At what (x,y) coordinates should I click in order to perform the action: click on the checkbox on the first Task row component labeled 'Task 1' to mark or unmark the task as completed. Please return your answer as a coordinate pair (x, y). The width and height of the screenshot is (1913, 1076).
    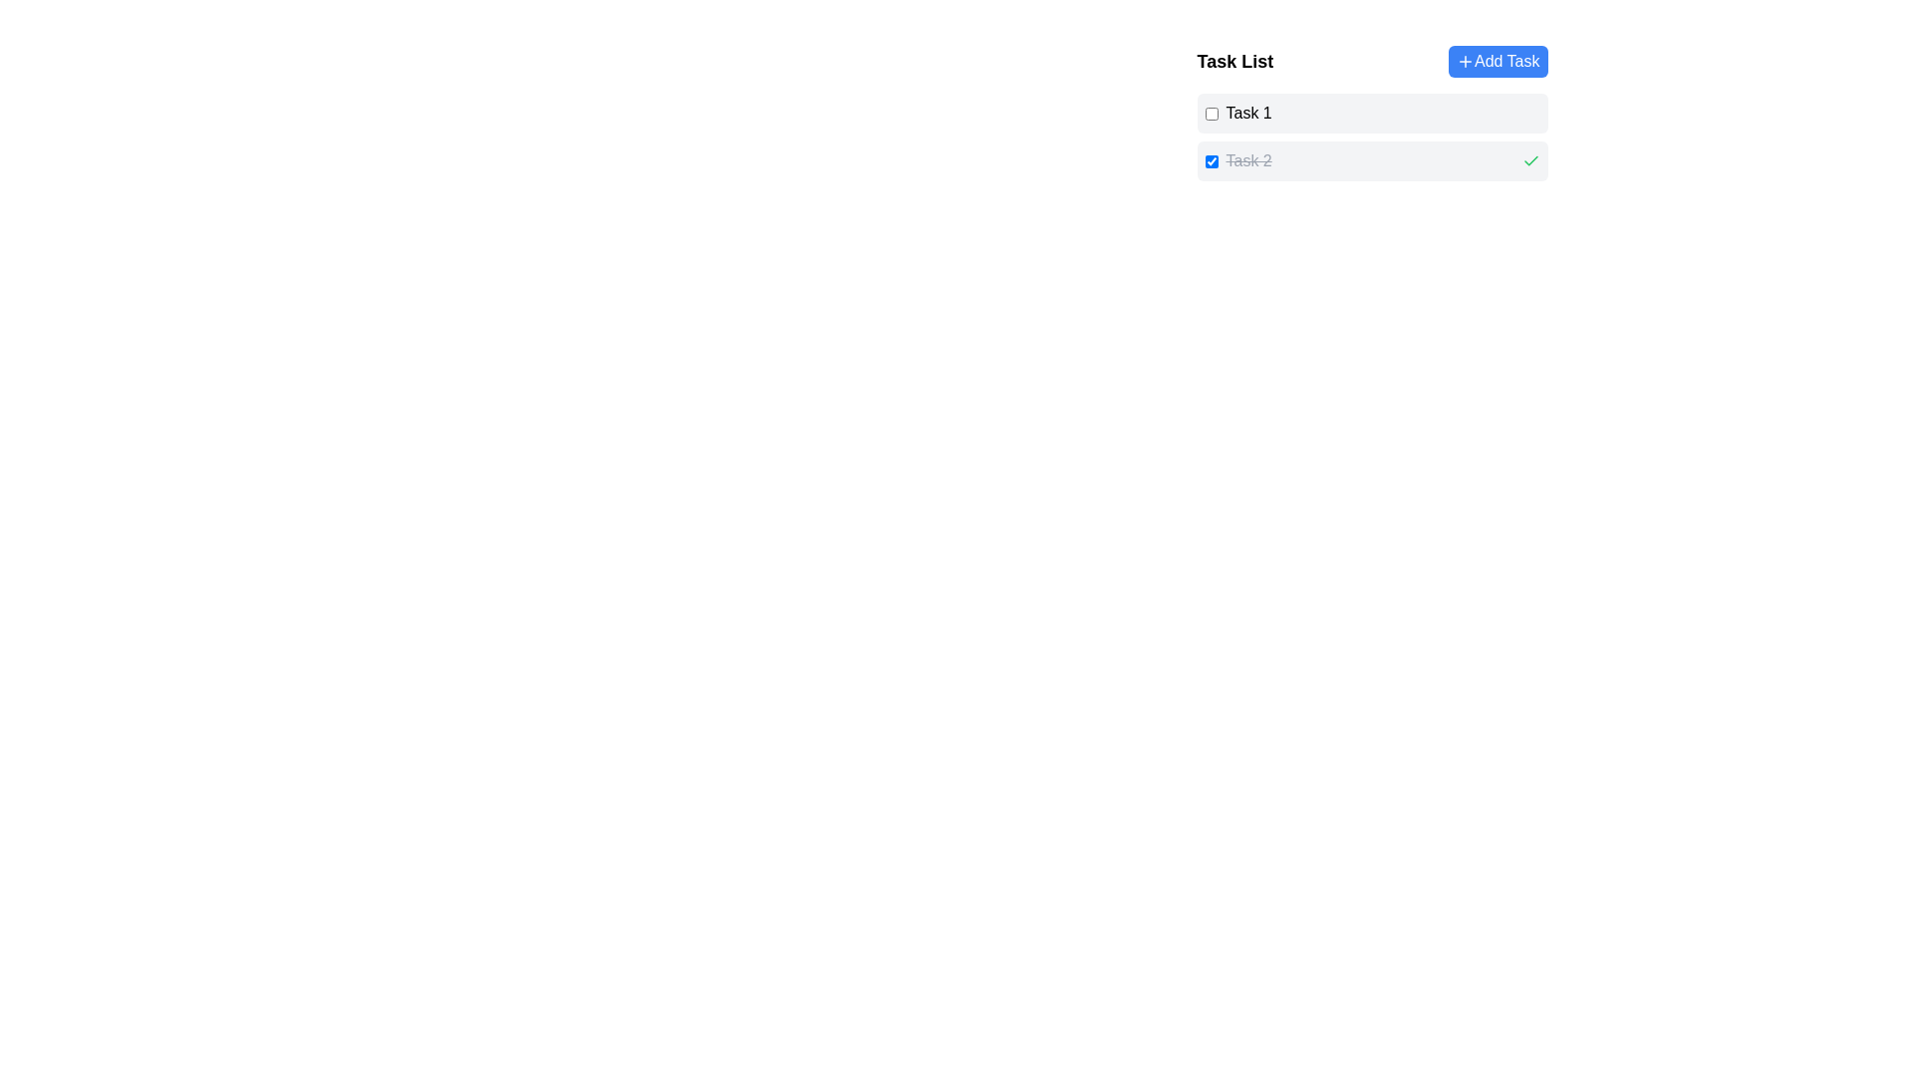
    Looking at the image, I should click on (1371, 114).